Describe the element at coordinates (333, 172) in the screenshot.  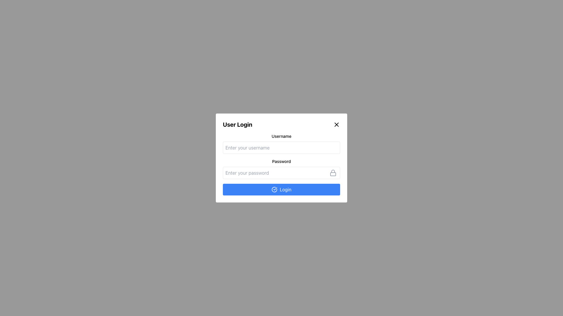
I see `the gray-colored lock icon, which is styled in a simplistic outline form and located inside the password input field on the right side` at that location.